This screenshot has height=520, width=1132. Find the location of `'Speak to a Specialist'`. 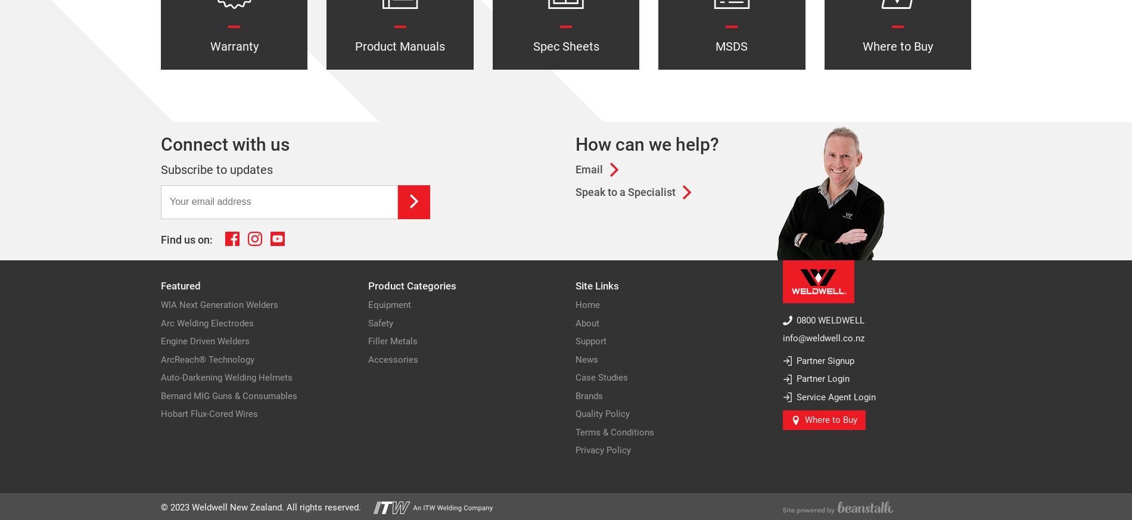

'Speak to a Specialist' is located at coordinates (625, 192).